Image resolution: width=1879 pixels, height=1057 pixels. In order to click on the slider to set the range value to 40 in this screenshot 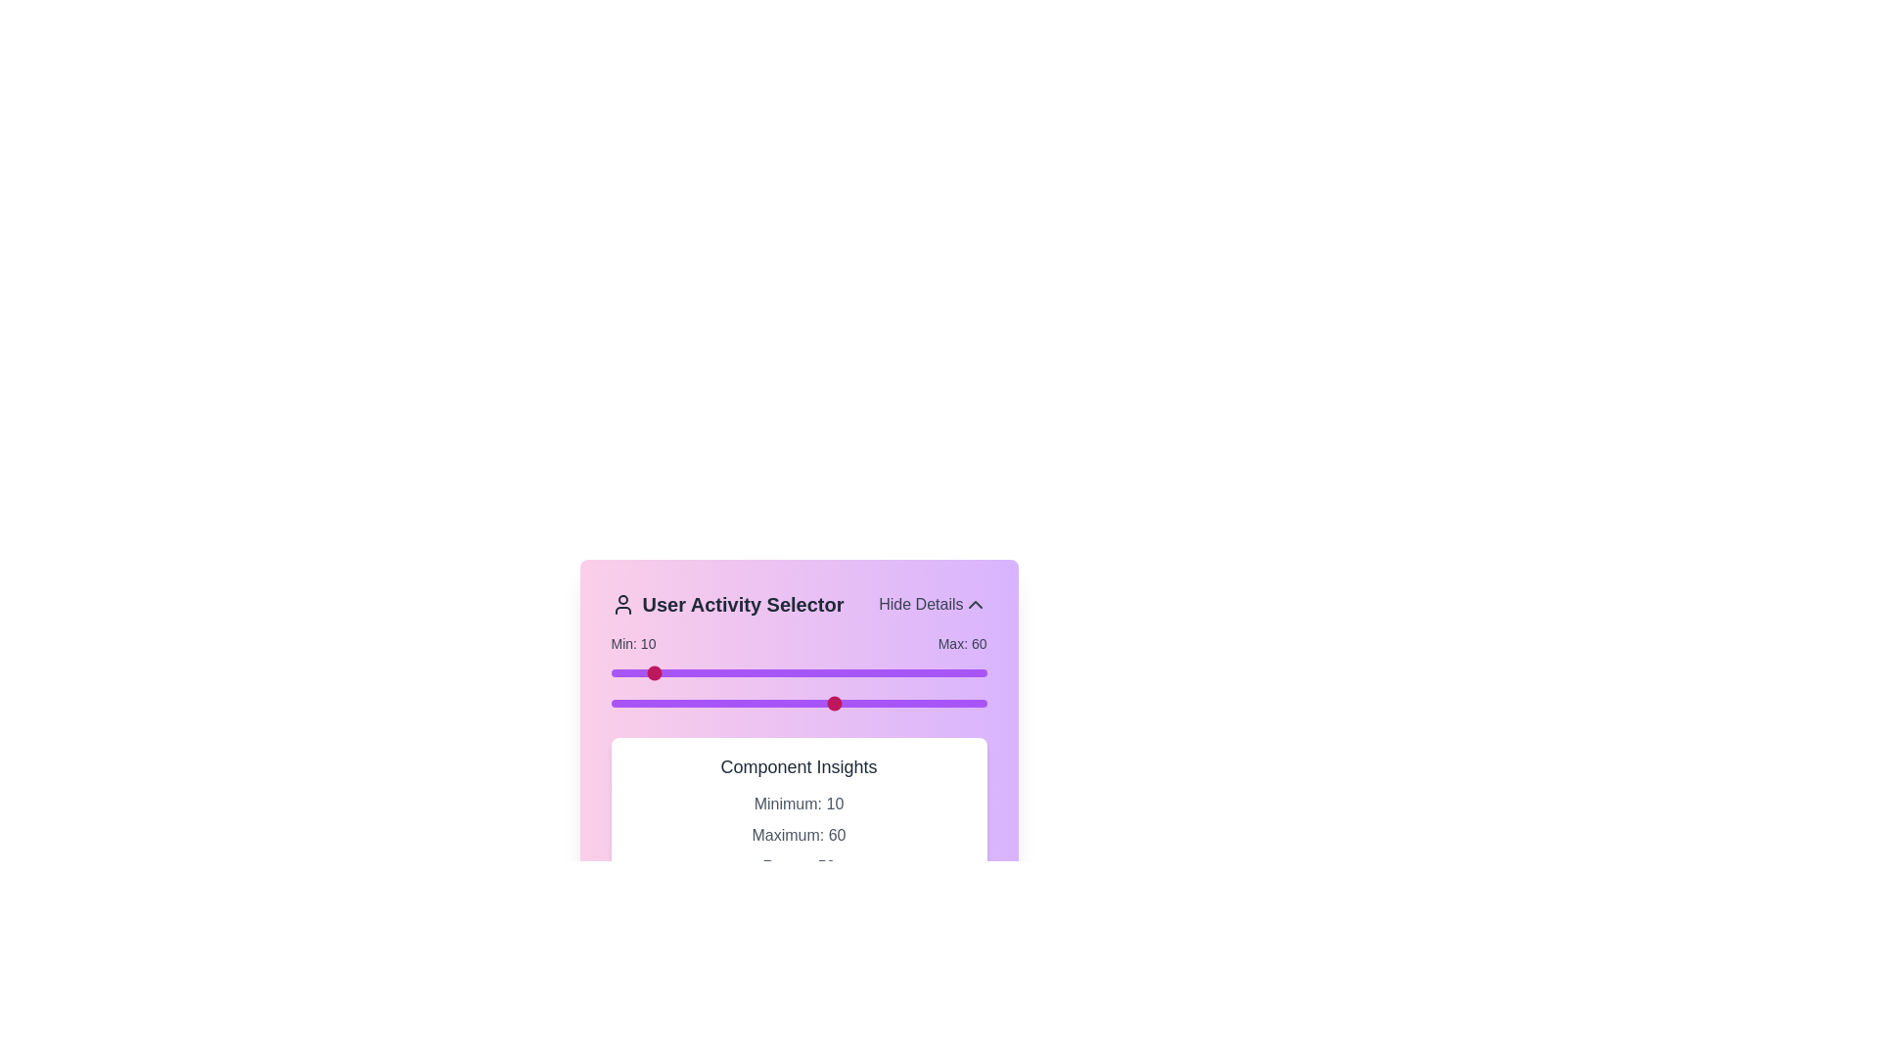, I will do `click(760, 671)`.